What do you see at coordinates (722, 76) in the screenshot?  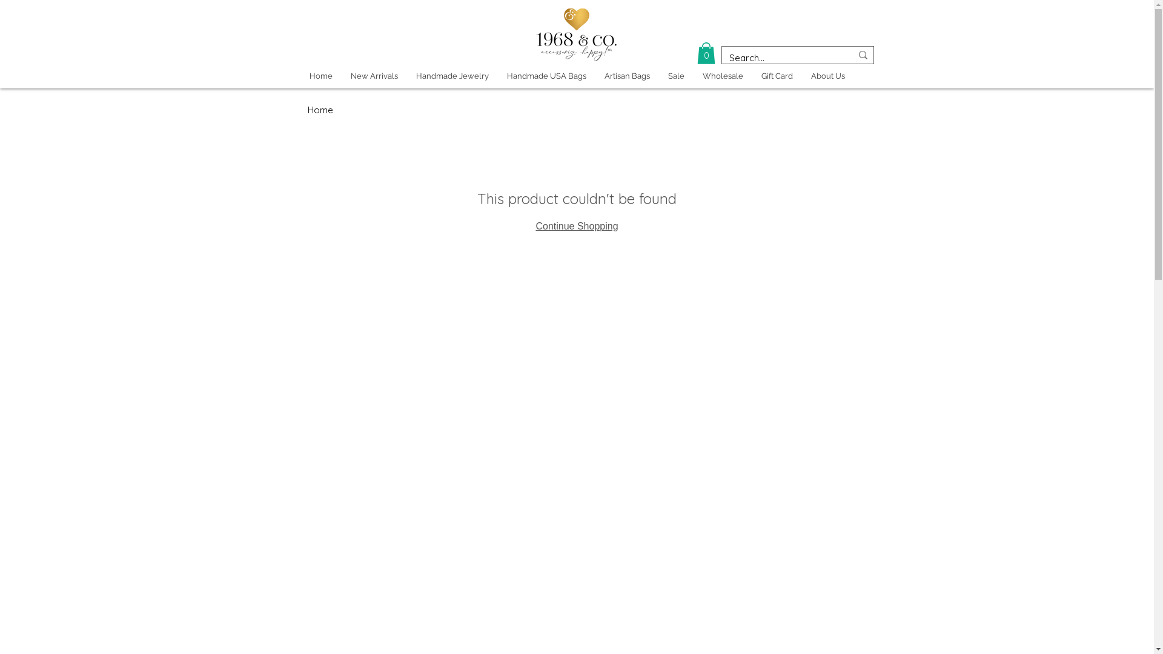 I see `'Wholesale'` at bounding box center [722, 76].